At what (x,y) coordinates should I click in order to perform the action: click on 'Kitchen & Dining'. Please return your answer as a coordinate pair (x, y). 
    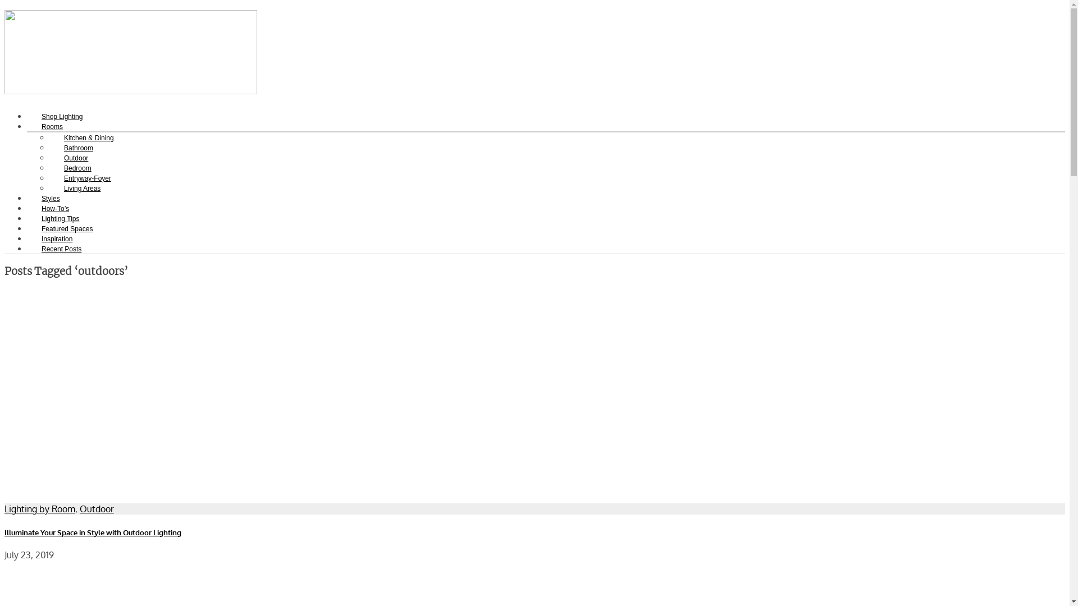
    Looking at the image, I should click on (88, 137).